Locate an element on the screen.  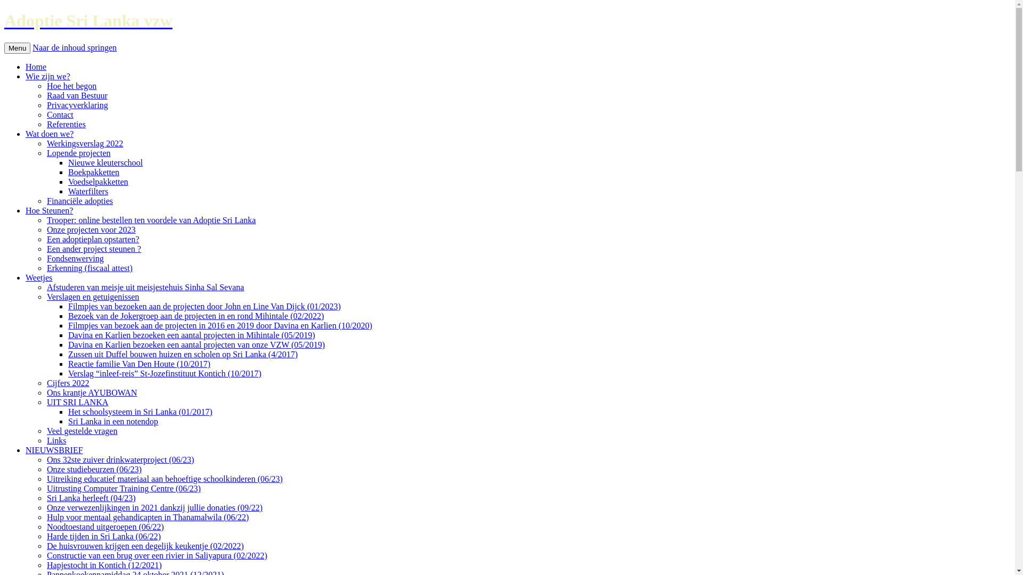
'Lopende projecten' is located at coordinates (46, 153).